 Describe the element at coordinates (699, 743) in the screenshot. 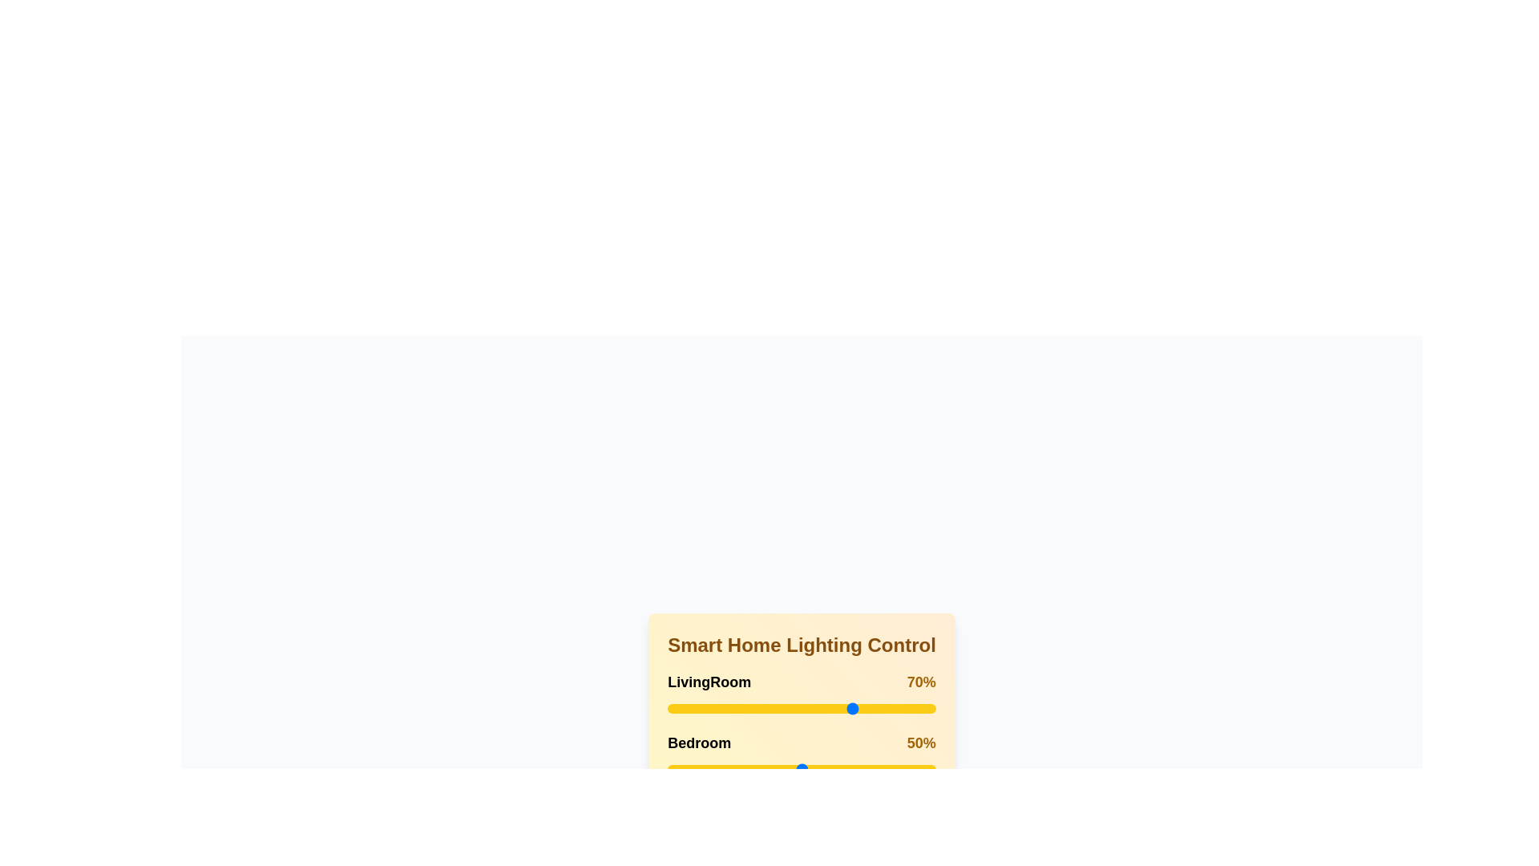

I see `the 'Bedroom' label that serves as a descriptor for smart home lighting settings, located to the left of a sibling element displaying '50%', beneath the 'LivingRoom' section` at that location.